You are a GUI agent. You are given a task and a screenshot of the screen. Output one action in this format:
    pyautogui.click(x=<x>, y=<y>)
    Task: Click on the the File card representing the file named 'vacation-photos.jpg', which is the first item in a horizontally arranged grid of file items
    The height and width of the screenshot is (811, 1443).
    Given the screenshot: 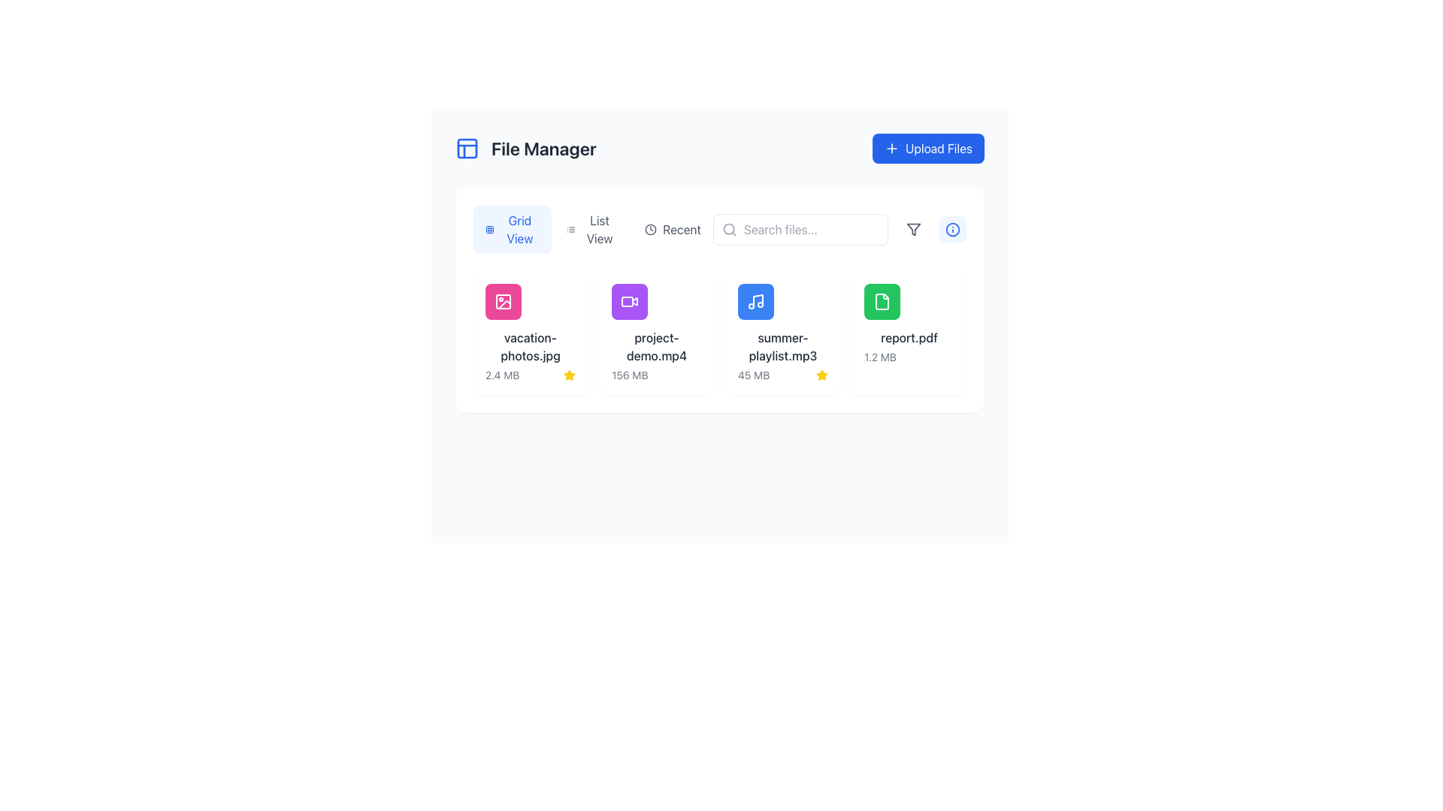 What is the action you would take?
    pyautogui.click(x=530, y=332)
    